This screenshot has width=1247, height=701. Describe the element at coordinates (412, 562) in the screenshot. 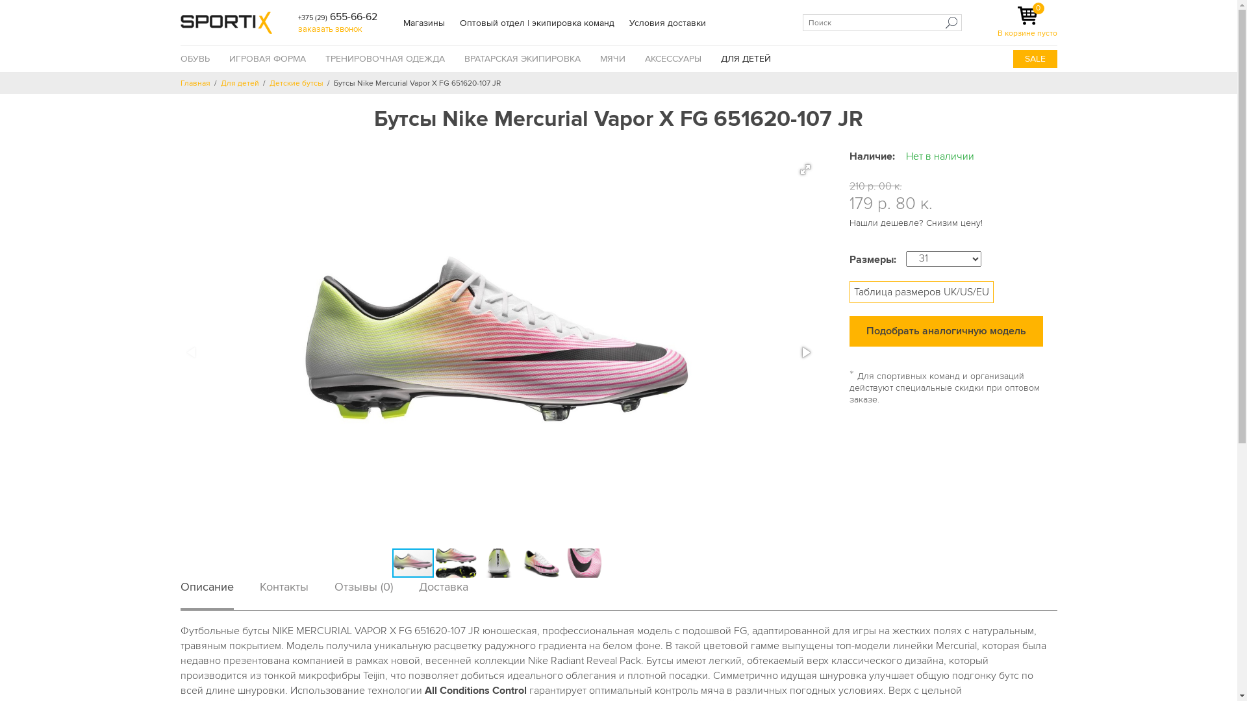

I see `'Nike Mercurial Vapor X FG 651620-107 JRnew.jpg'` at that location.